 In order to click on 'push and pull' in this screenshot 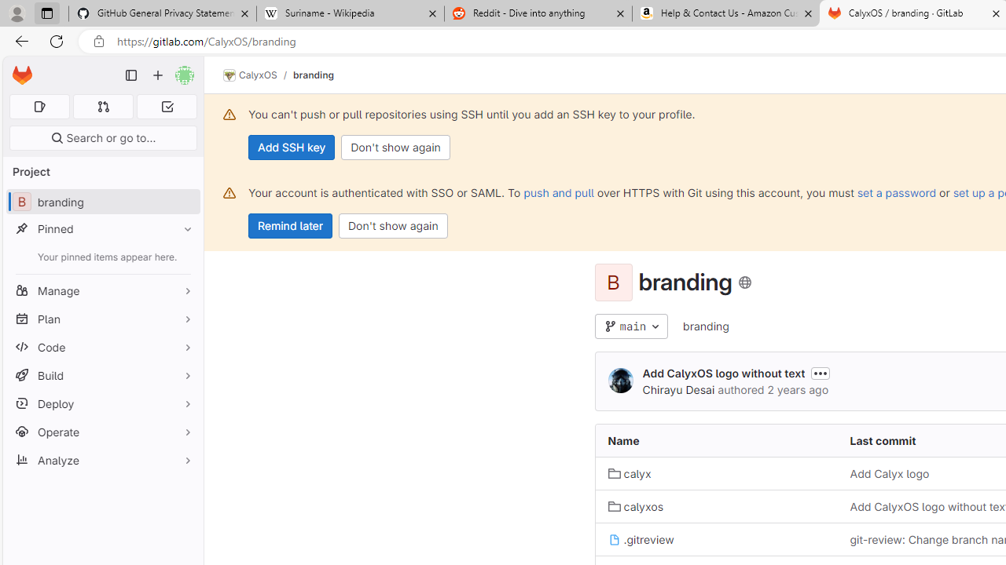, I will do `click(559, 191)`.